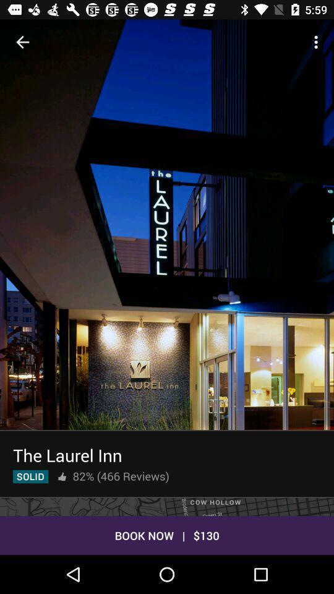 The width and height of the screenshot is (334, 594). What do you see at coordinates (167, 246) in the screenshot?
I see `icon above the laurel inn` at bounding box center [167, 246].